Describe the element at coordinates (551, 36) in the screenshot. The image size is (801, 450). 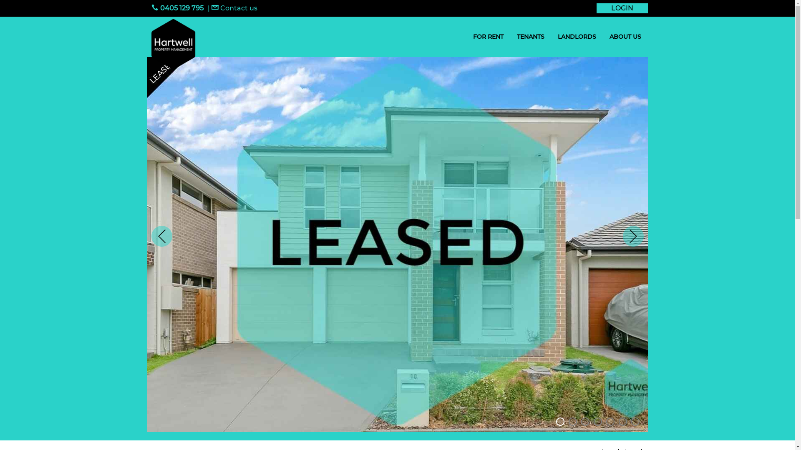
I see `'LANDLORDS'` at that location.